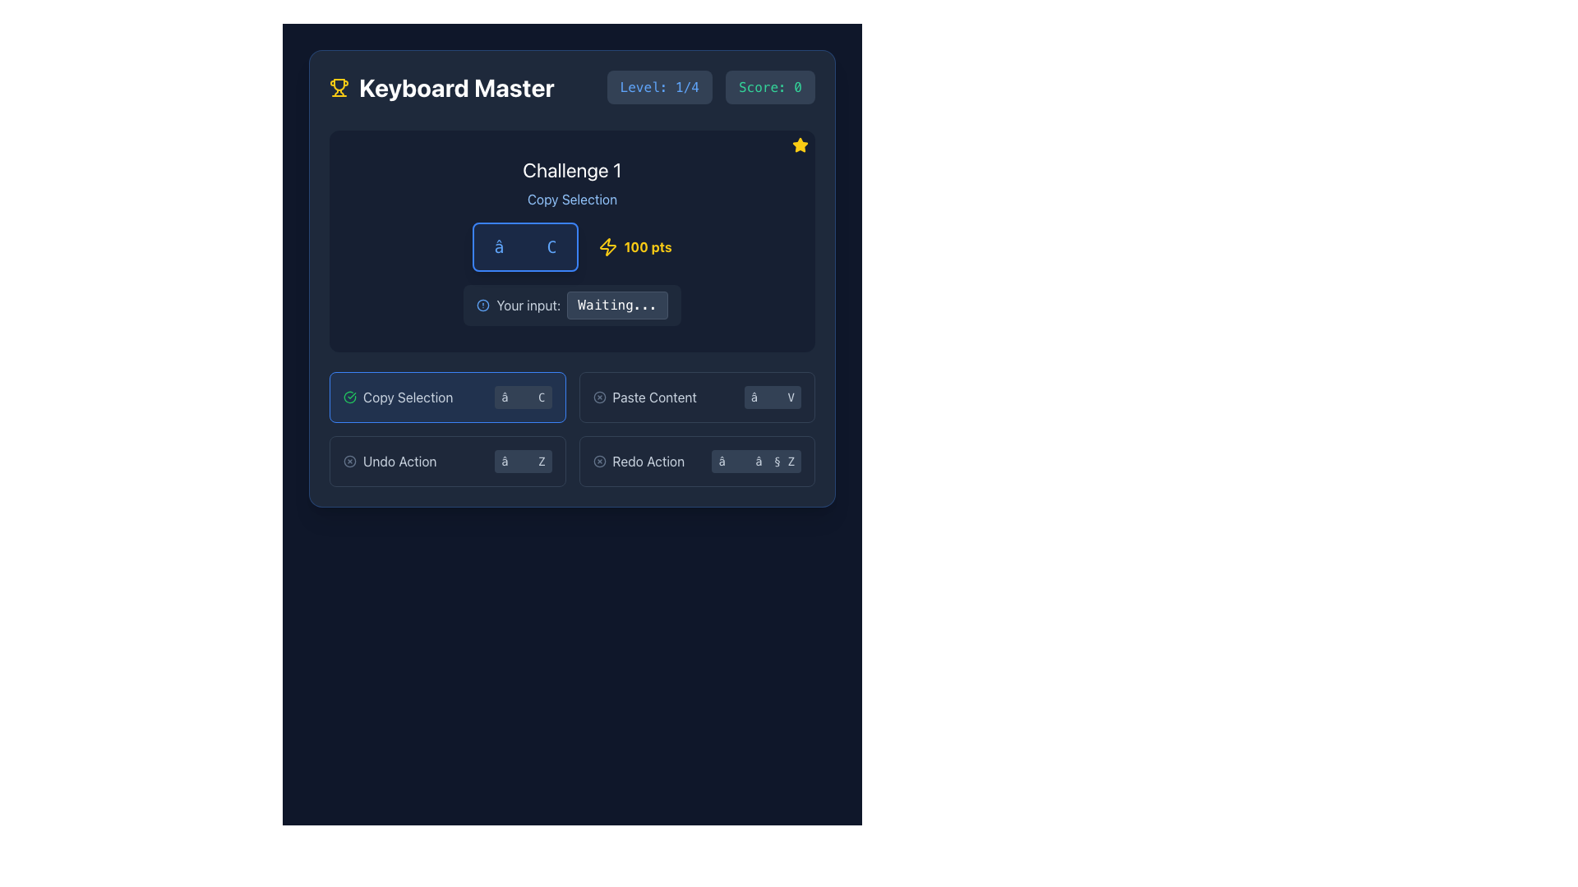  I want to click on text label indicating the current level progress of the user, located near the upper-right section of the interface, to the left of the 'Score: 0' label, so click(659, 87).